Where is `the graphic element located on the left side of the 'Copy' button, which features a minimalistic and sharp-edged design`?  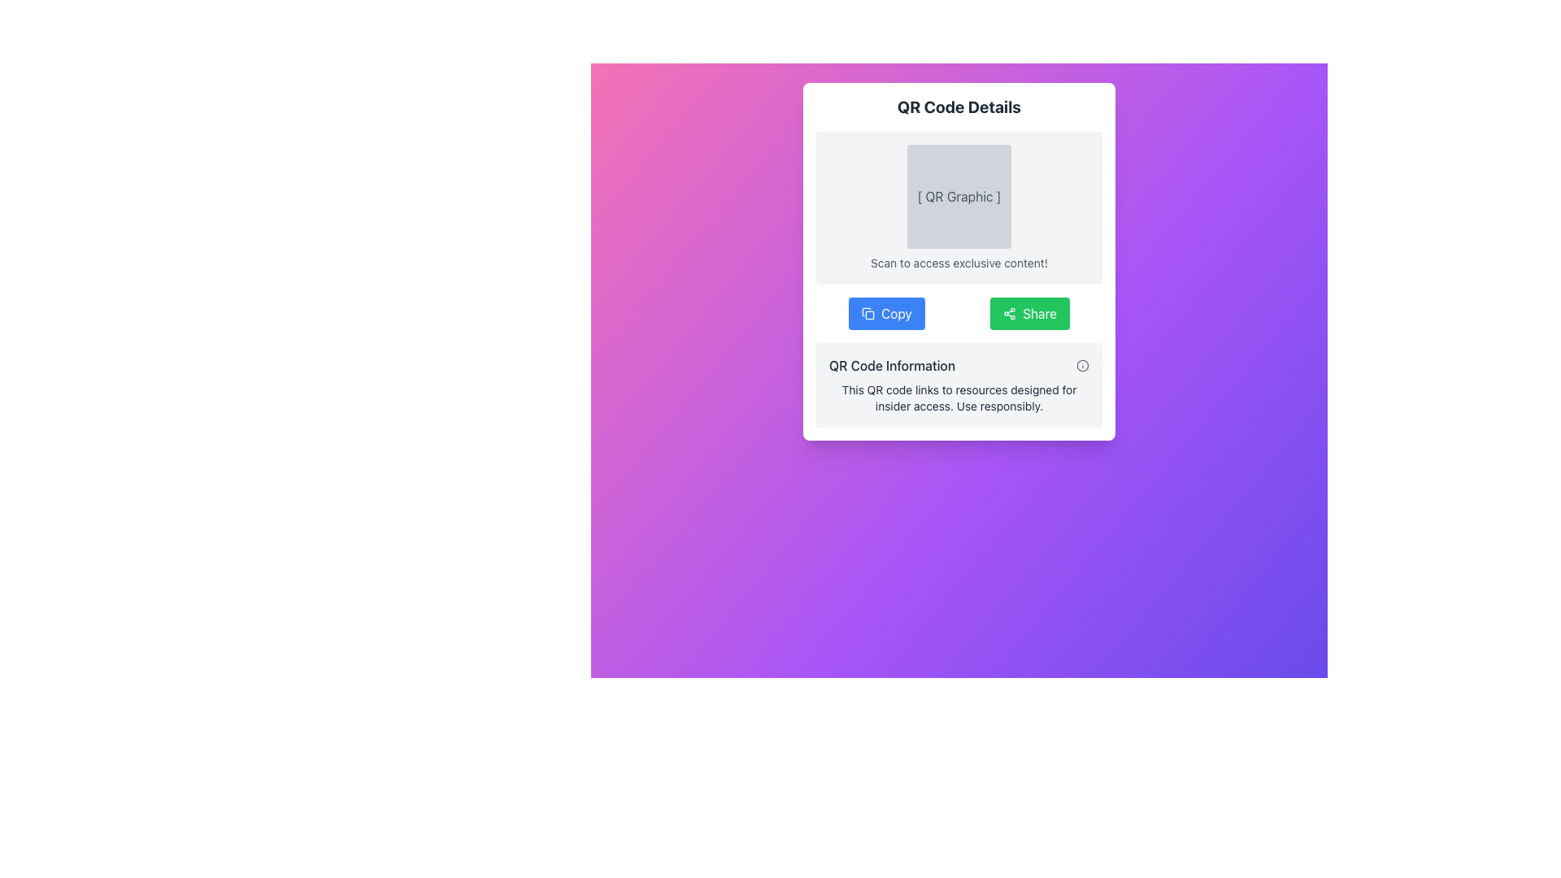 the graphic element located on the left side of the 'Copy' button, which features a minimalistic and sharp-edged design is located at coordinates (865, 312).